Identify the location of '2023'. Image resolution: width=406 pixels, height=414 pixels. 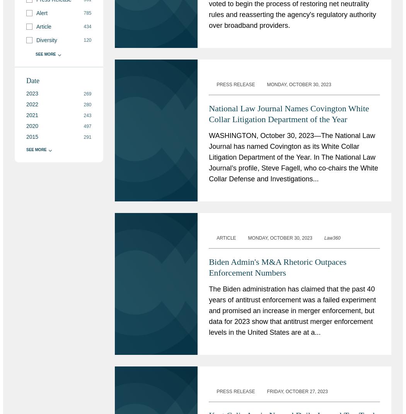
(32, 94).